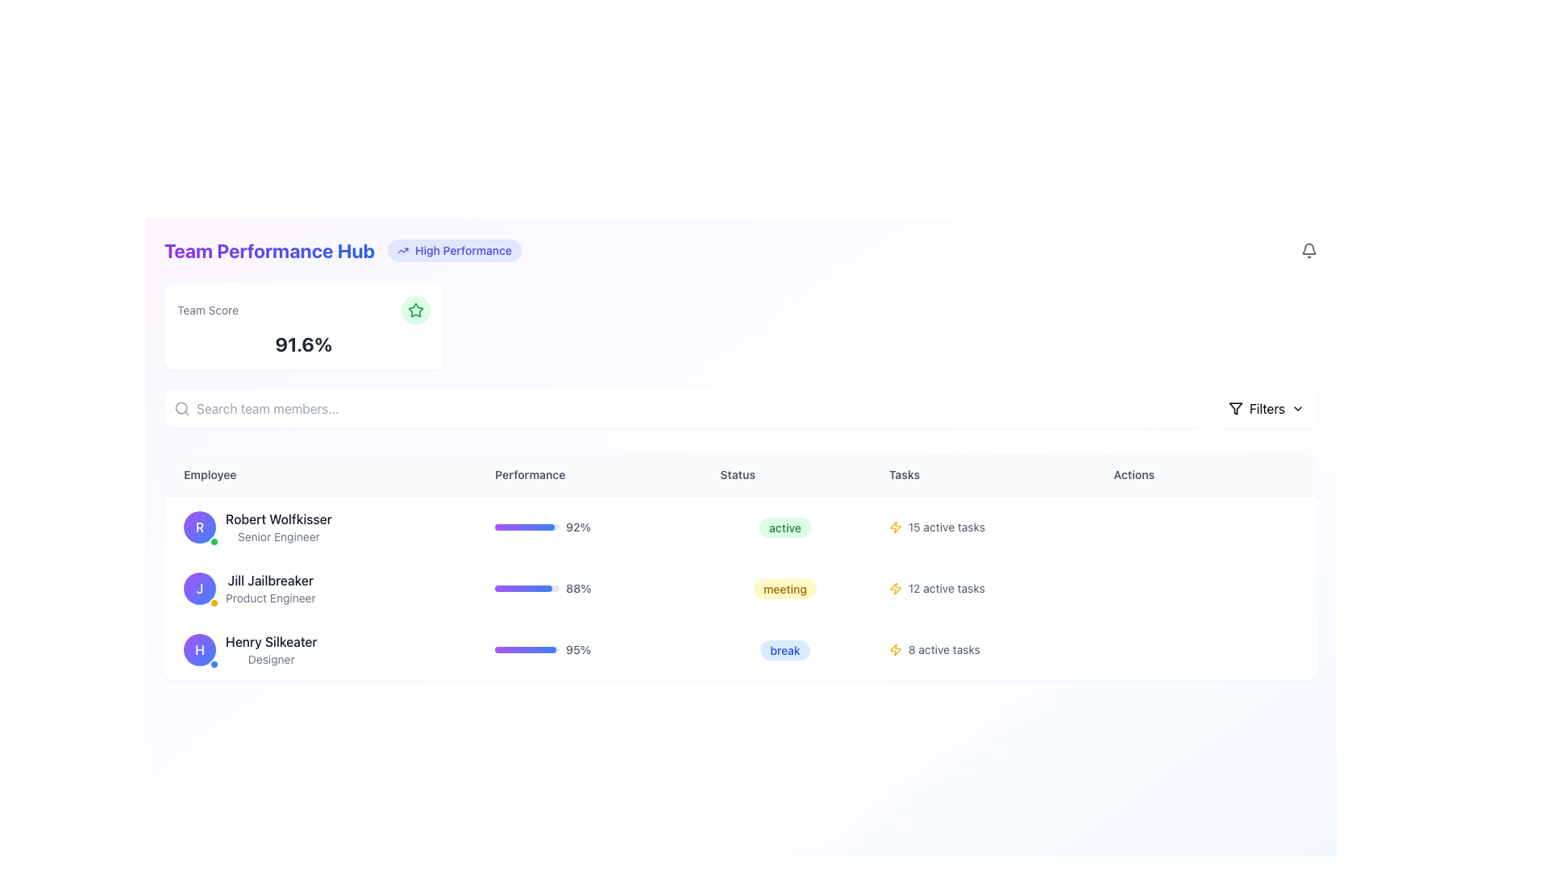 The image size is (1548, 871). What do you see at coordinates (785, 649) in the screenshot?
I see `the status indicator badge for 'Henry Silkeater', located in the 'Status' column of the table, to interact with it` at bounding box center [785, 649].